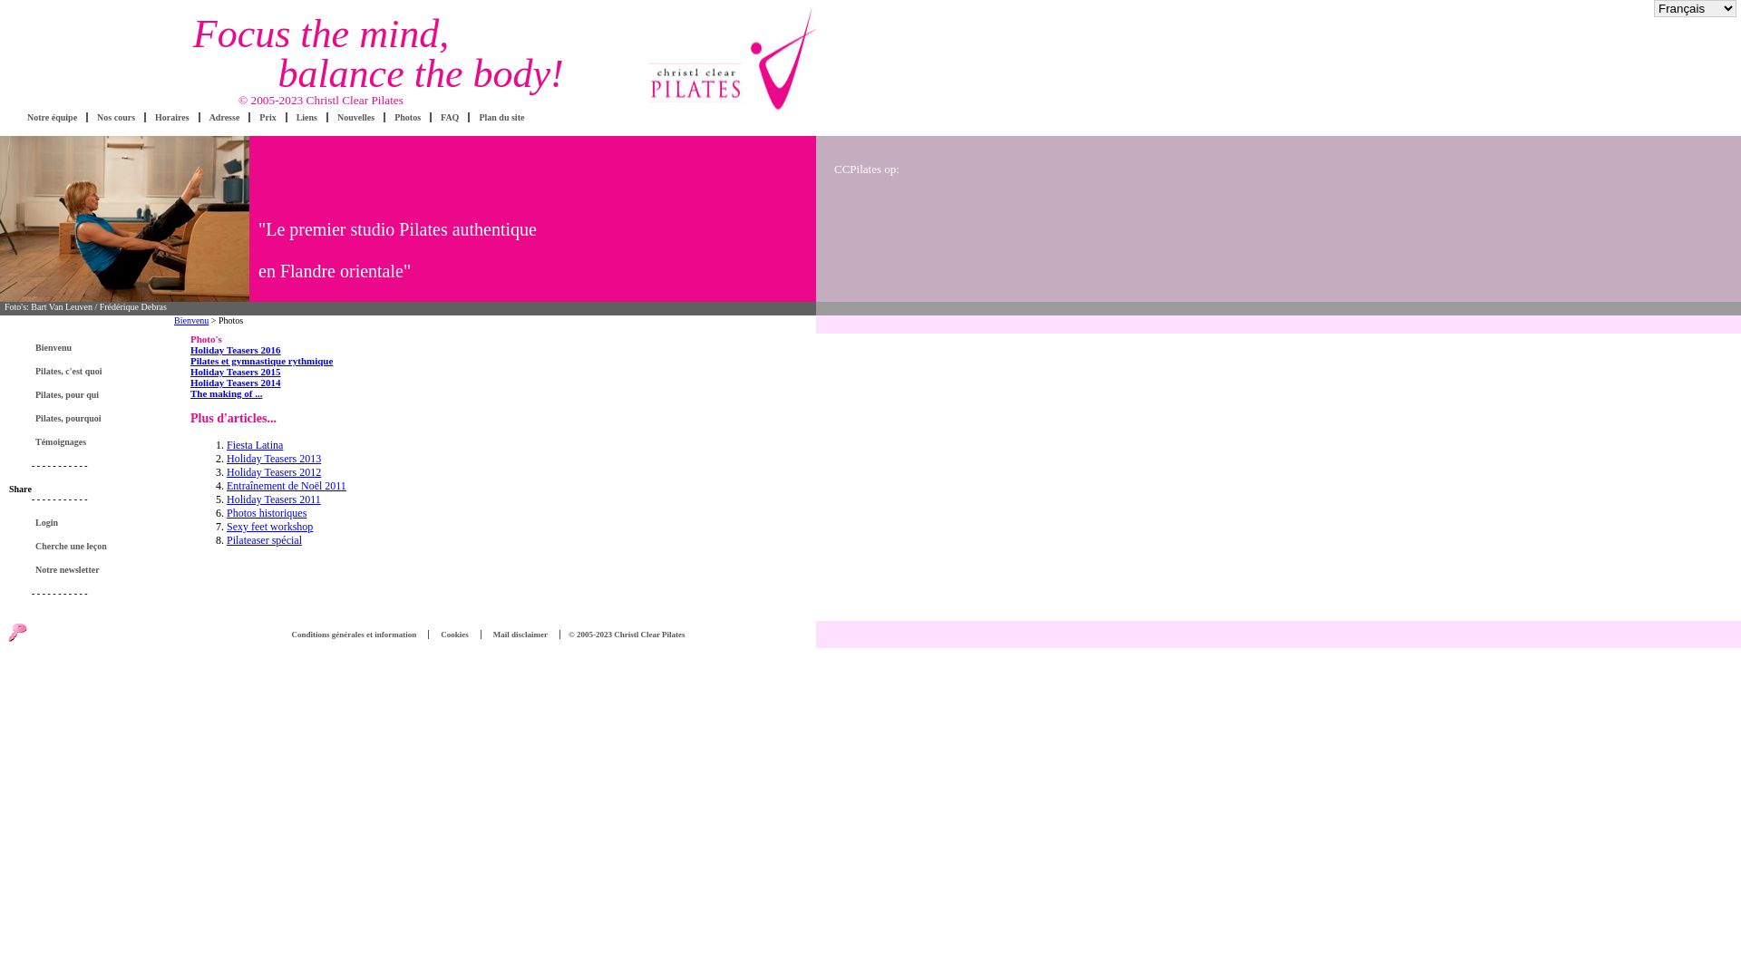 This screenshot has height=979, width=1741. Describe the element at coordinates (31, 370) in the screenshot. I see `'Pilates, c'est quoi'` at that location.